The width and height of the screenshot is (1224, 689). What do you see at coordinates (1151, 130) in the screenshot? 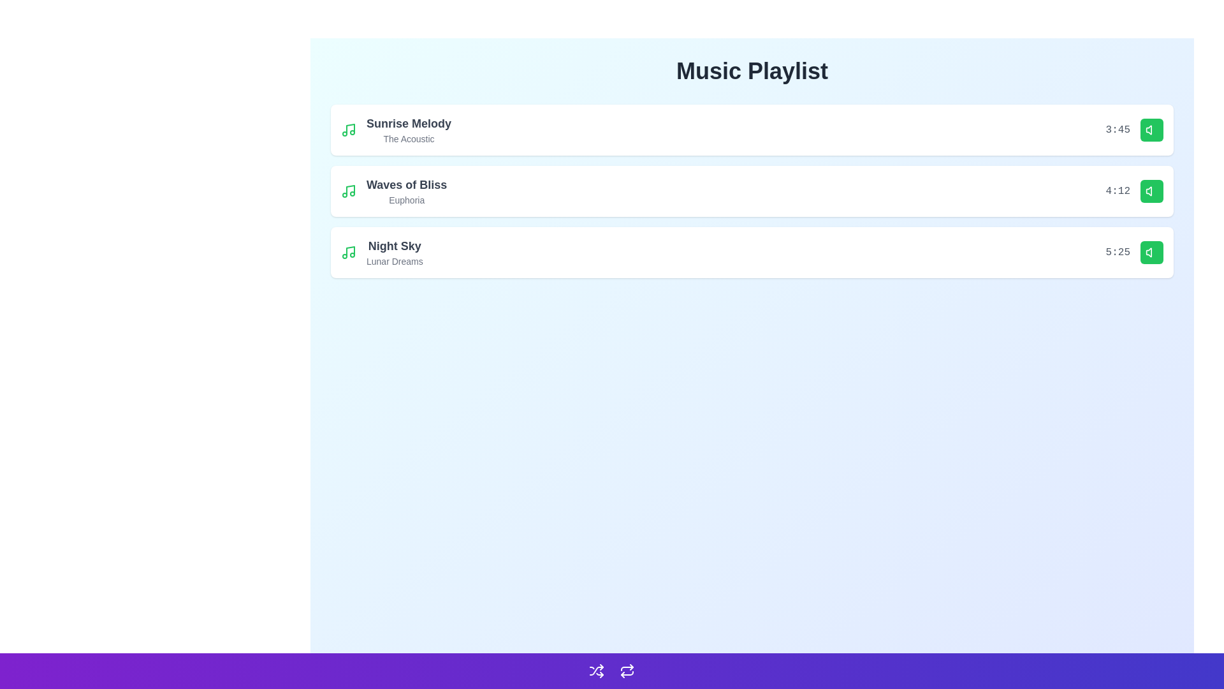
I see `the volume control button located to the right of the time text '3:45' in the first row of playlist entries` at bounding box center [1151, 130].